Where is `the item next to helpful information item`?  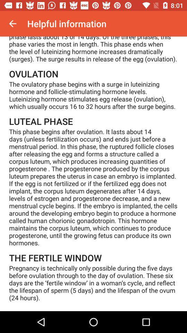 the item next to helpful information item is located at coordinates (12, 24).